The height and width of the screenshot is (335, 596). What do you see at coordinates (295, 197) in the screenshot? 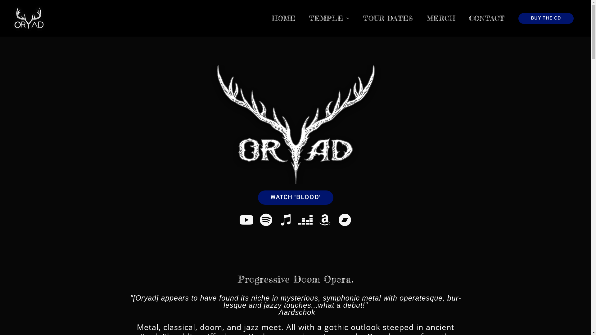
I see `'WATCH 'BLOOD''` at bounding box center [295, 197].